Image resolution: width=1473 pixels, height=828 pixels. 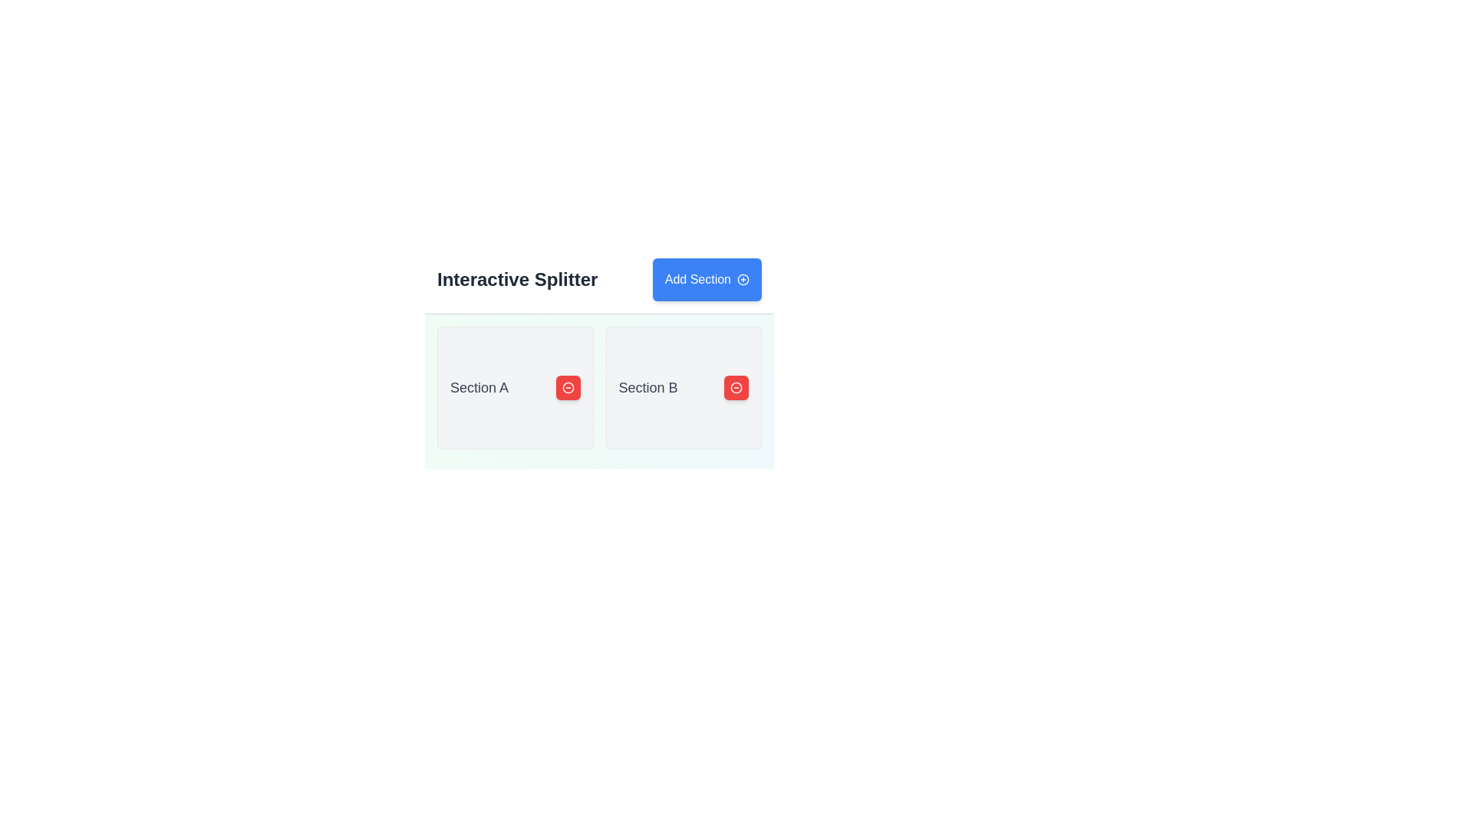 I want to click on the Circle element within the circle-minus icon of 'Section A', so click(x=736, y=386).